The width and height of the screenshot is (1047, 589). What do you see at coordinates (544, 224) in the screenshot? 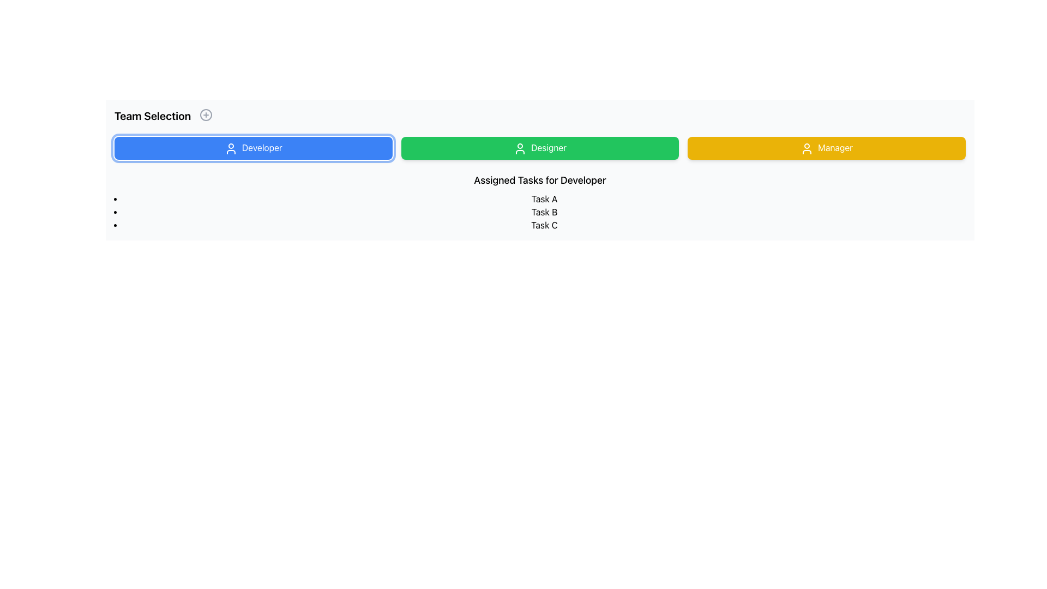
I see `the Text Label displaying 'Task C', which is the third item in a vertical list of tasks` at bounding box center [544, 224].